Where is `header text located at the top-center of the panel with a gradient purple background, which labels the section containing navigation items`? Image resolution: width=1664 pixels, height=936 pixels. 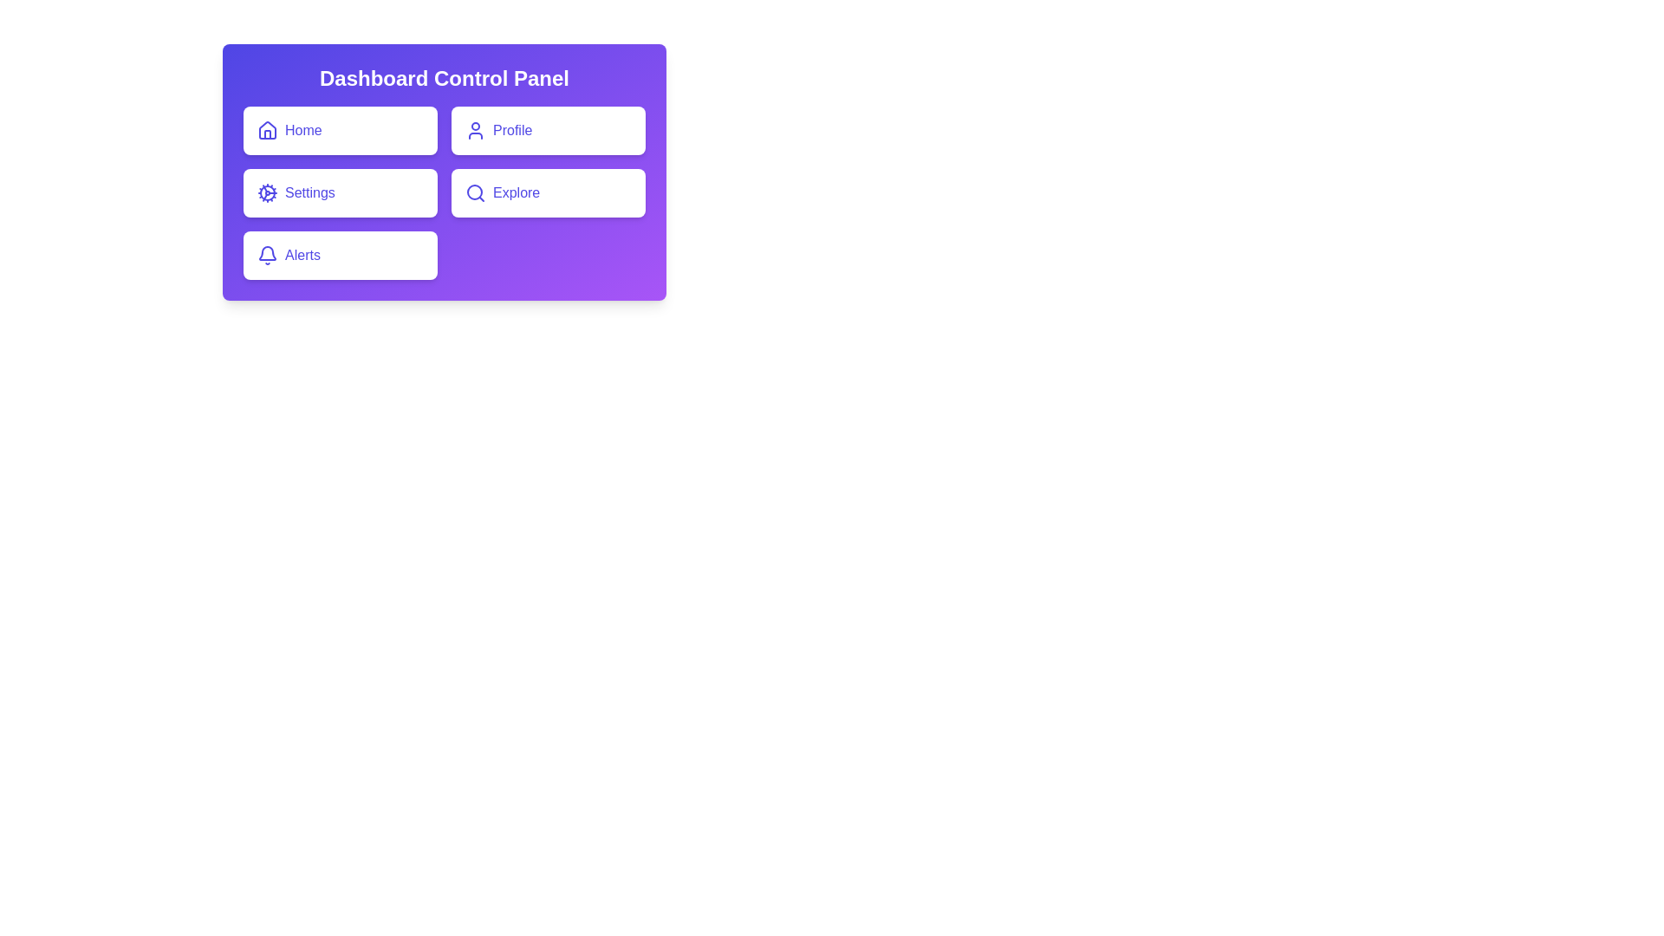
header text located at the top-center of the panel with a gradient purple background, which labels the section containing navigation items is located at coordinates (445, 79).